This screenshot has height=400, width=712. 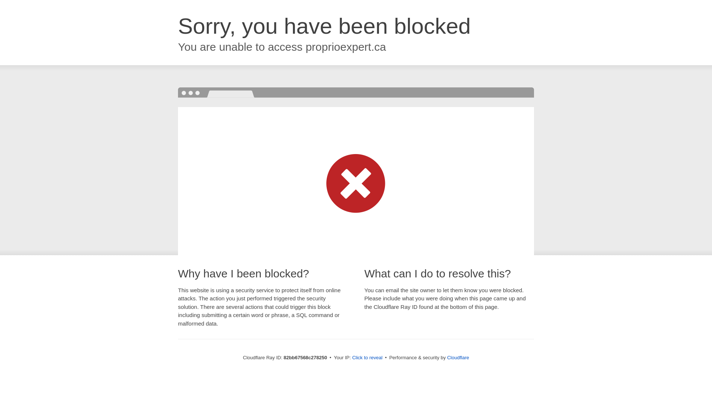 I want to click on 'Click to reveal', so click(x=352, y=357).